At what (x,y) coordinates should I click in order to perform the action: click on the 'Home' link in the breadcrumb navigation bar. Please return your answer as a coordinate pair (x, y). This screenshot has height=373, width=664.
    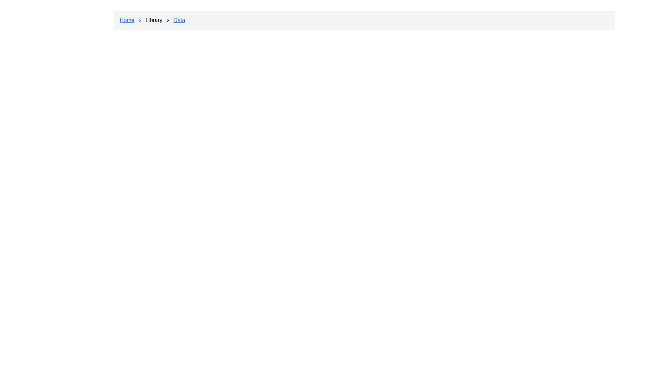
    Looking at the image, I should click on (131, 20).